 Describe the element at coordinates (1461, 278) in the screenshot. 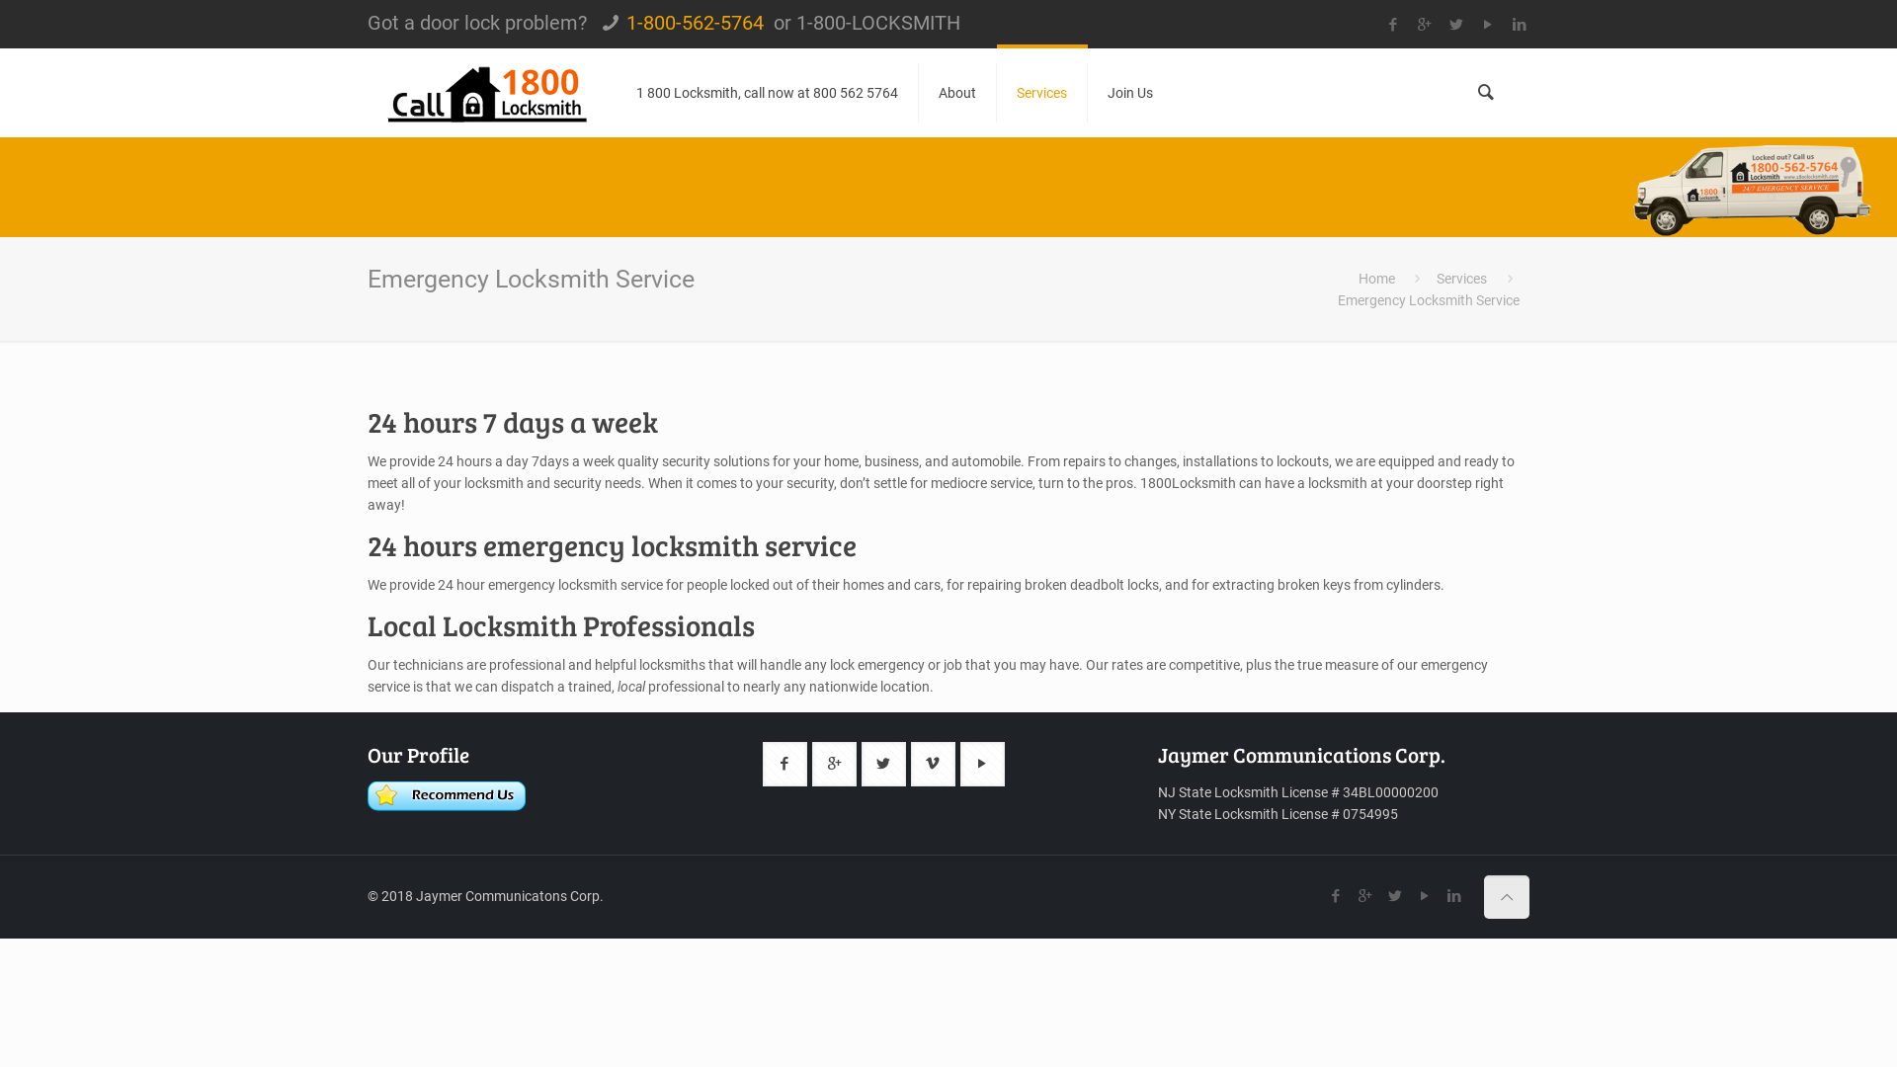

I see `'Services'` at that location.